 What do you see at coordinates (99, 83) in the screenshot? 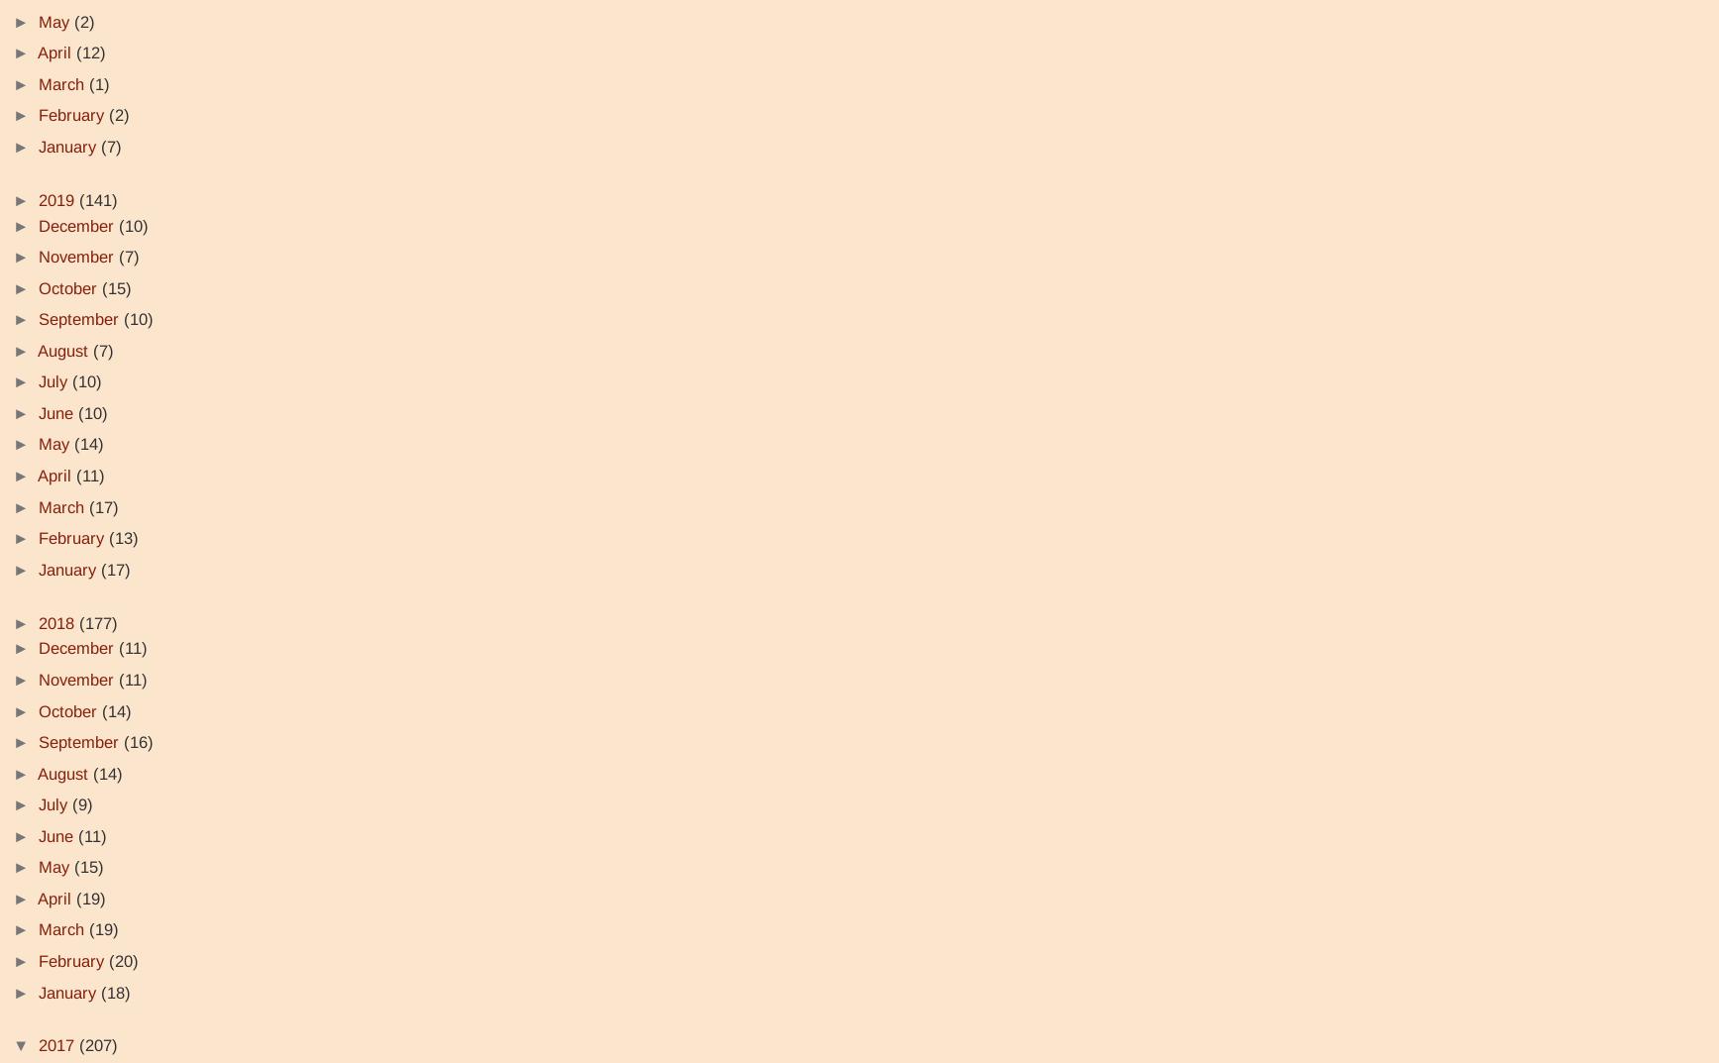
I see `'(1)'` at bounding box center [99, 83].